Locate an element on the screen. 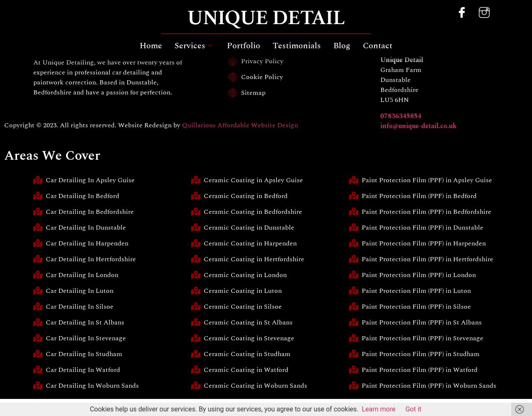 This screenshot has height=416, width=532. 'Ceramic Coating in Bedford' is located at coordinates (244, 196).